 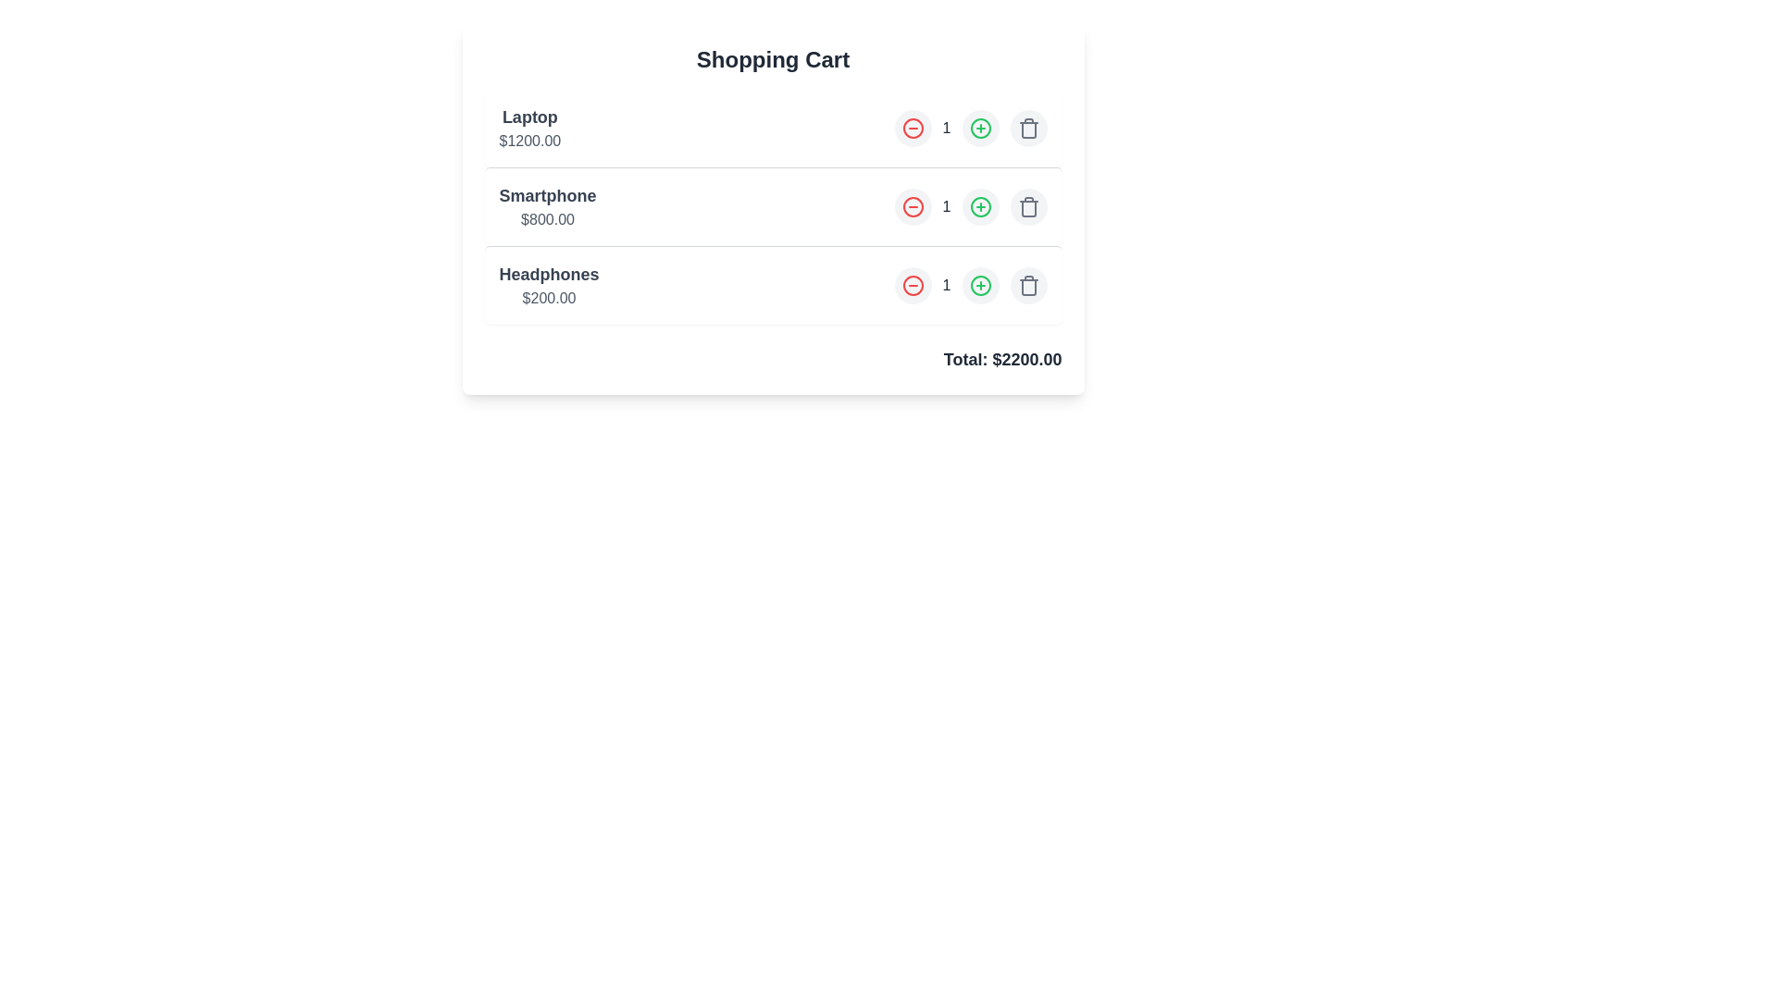 I want to click on the trash icon to remove the item Laptop from the cart, so click(x=1027, y=127).